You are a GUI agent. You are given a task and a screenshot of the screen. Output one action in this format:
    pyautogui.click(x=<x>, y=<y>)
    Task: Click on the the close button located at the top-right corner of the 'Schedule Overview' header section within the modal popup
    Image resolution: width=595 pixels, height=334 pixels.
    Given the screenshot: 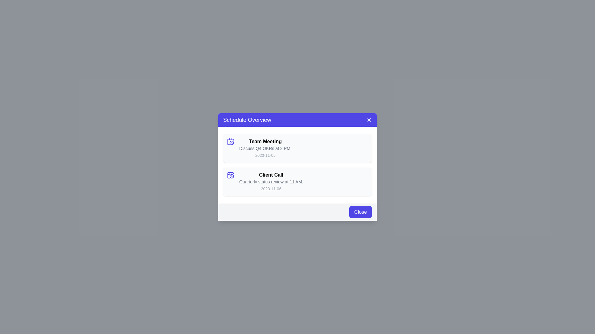 What is the action you would take?
    pyautogui.click(x=369, y=120)
    